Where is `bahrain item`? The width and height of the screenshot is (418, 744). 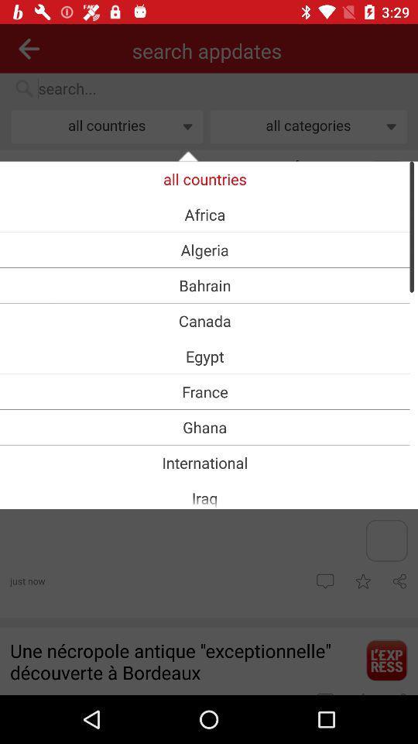 bahrain item is located at coordinates (204, 284).